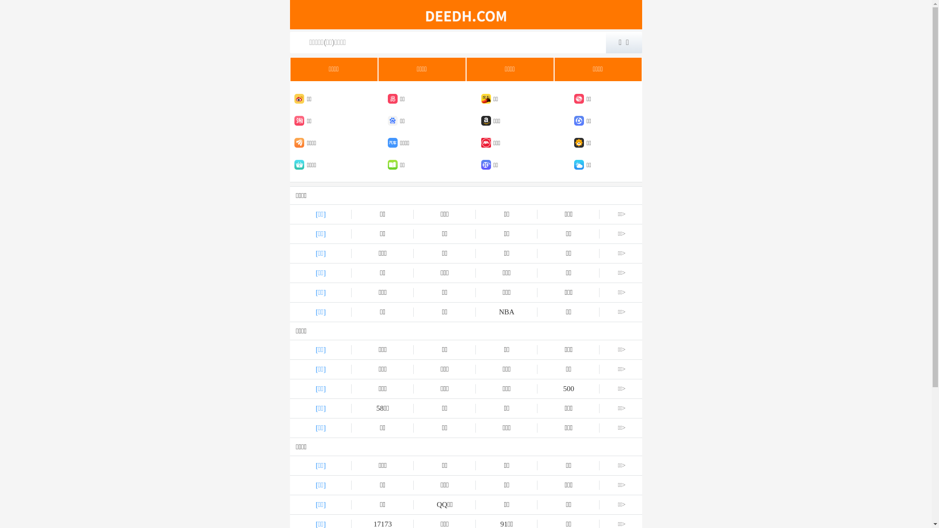 This screenshot has width=939, height=528. I want to click on '500', so click(568, 388).